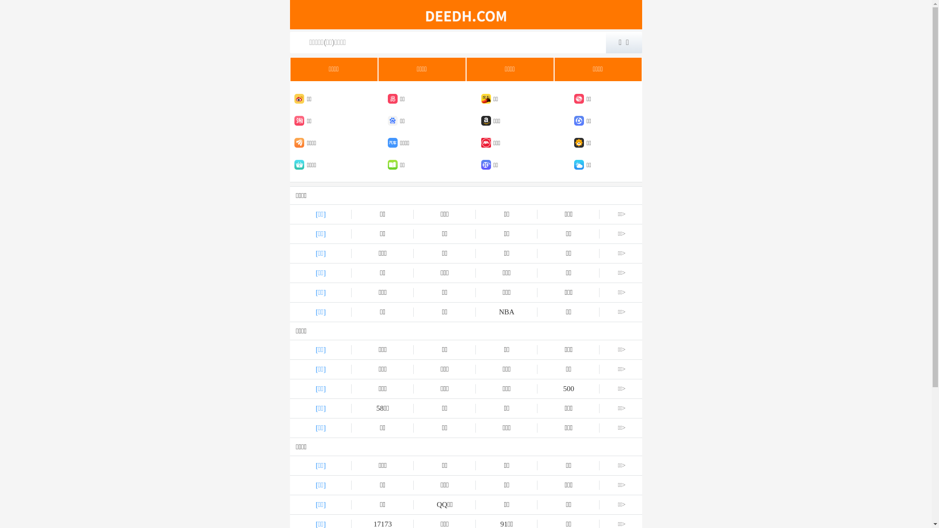 This screenshot has width=939, height=528. I want to click on '500', so click(568, 388).